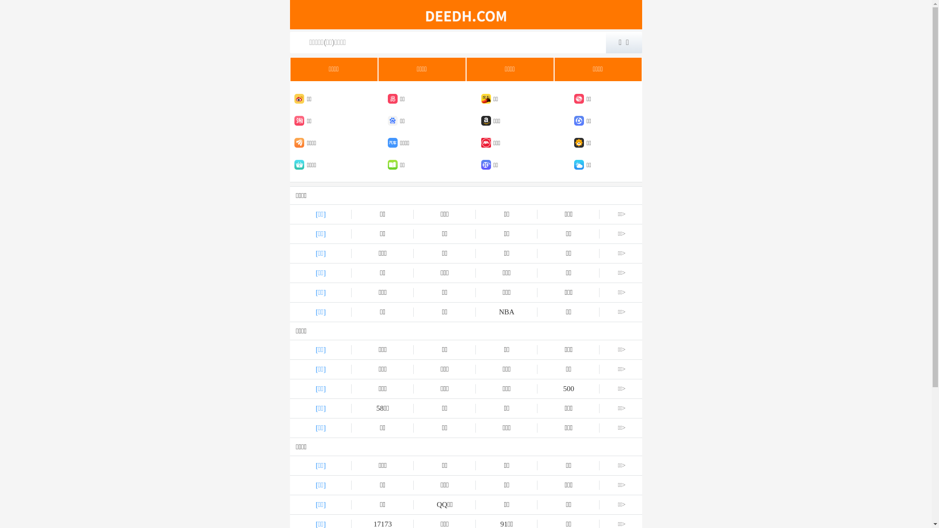 This screenshot has width=939, height=528. I want to click on '500', so click(568, 388).